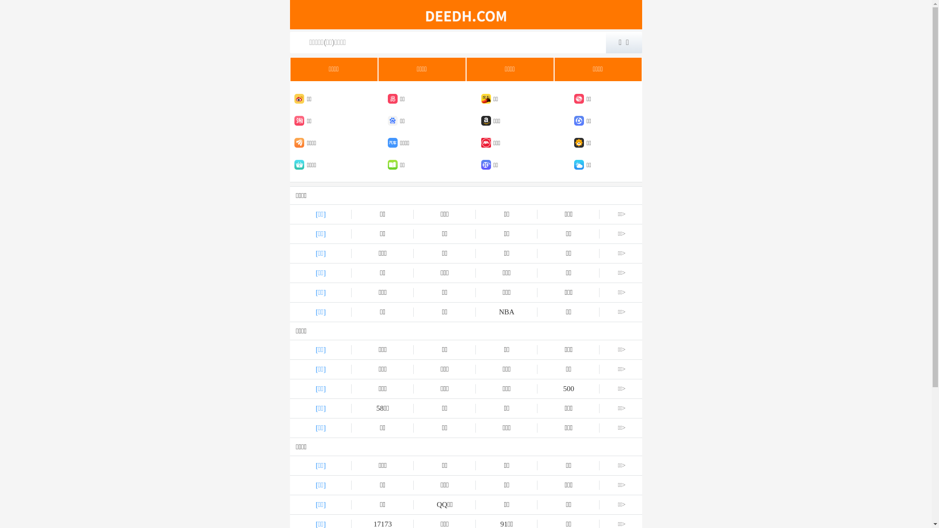 This screenshot has width=939, height=528. I want to click on '500', so click(568, 388).